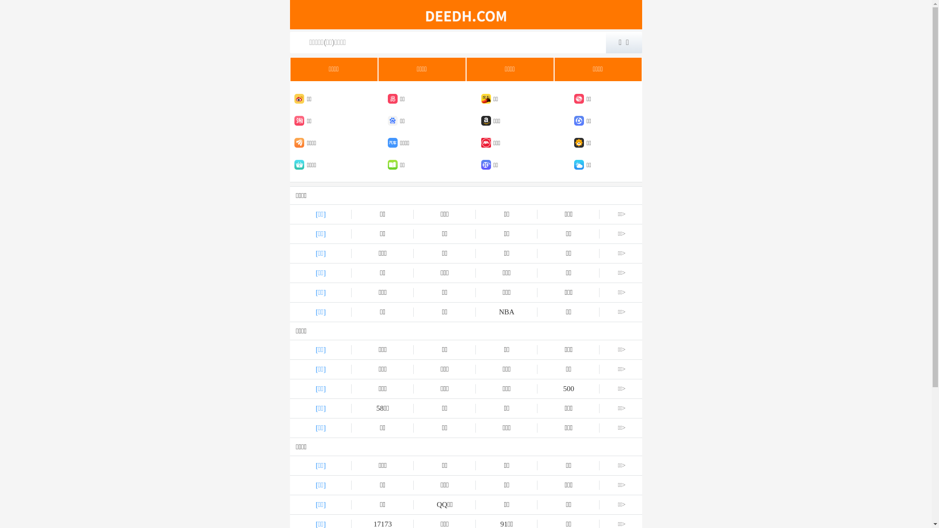 This screenshot has width=939, height=528. I want to click on '500', so click(568, 388).